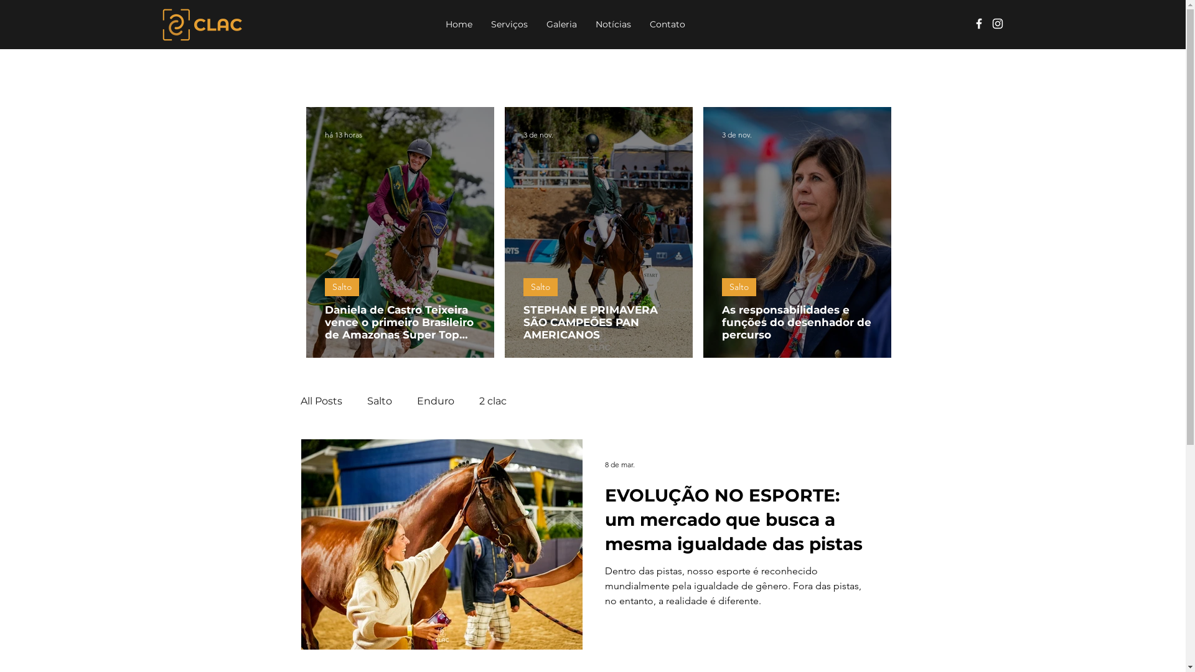  I want to click on 'All Posts', so click(299, 401).